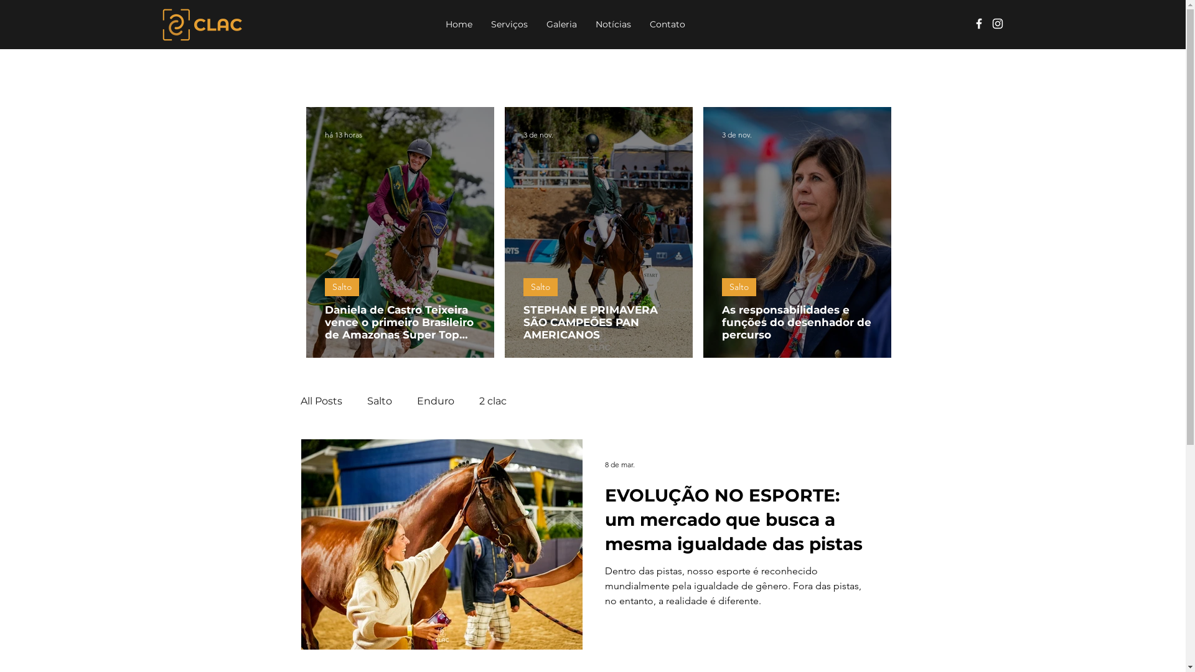  I want to click on 'All Posts', so click(299, 401).